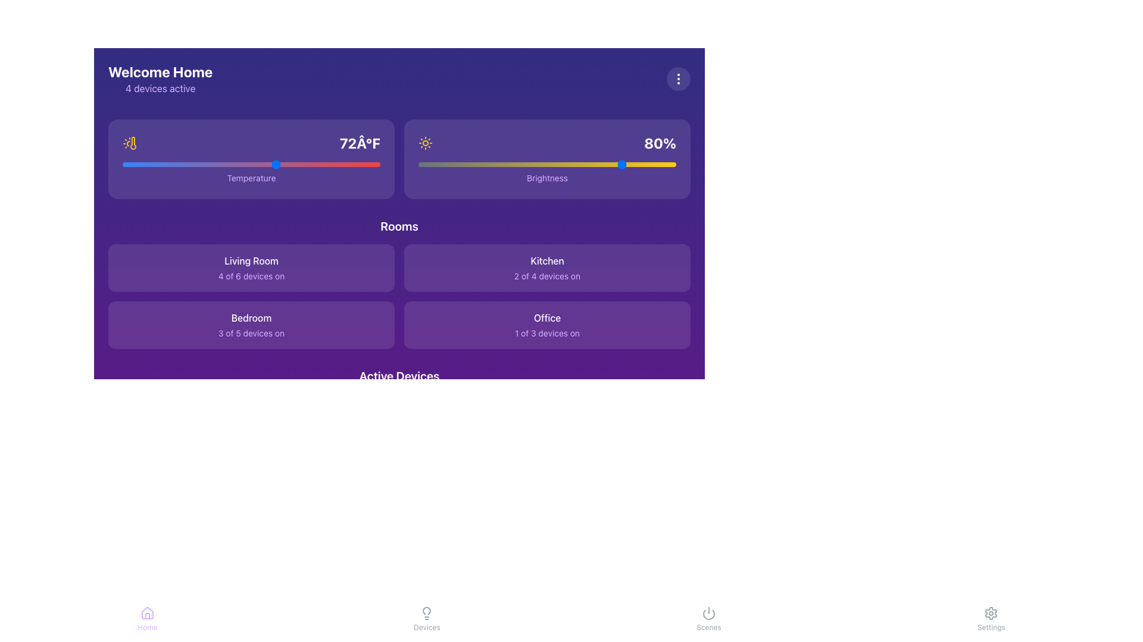 Image resolution: width=1143 pixels, height=642 pixels. What do you see at coordinates (251, 276) in the screenshot?
I see `the text label displaying '4 of 6 devices on' which is styled in a smaller purple font on a darker purple background, located beneath the 'Living Room' title` at bounding box center [251, 276].